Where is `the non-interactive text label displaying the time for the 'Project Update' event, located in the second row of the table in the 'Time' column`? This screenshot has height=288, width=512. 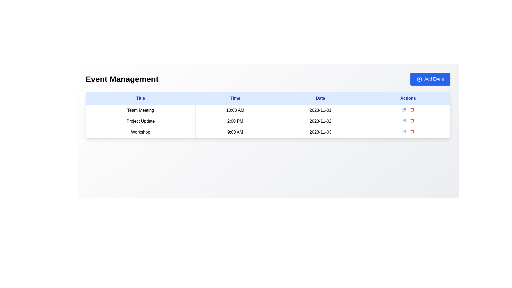
the non-interactive text label displaying the time for the 'Project Update' event, located in the second row of the table in the 'Time' column is located at coordinates (235, 121).